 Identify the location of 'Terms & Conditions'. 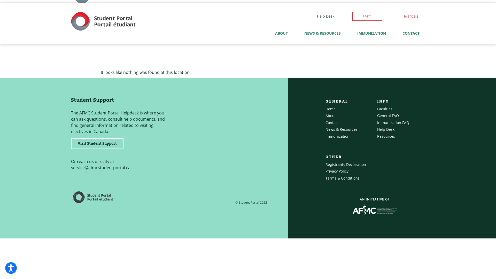
(342, 178).